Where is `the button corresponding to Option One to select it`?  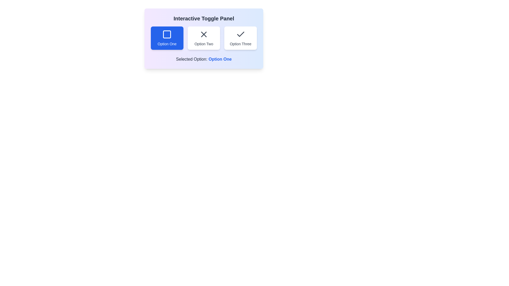
the button corresponding to Option One to select it is located at coordinates (166, 38).